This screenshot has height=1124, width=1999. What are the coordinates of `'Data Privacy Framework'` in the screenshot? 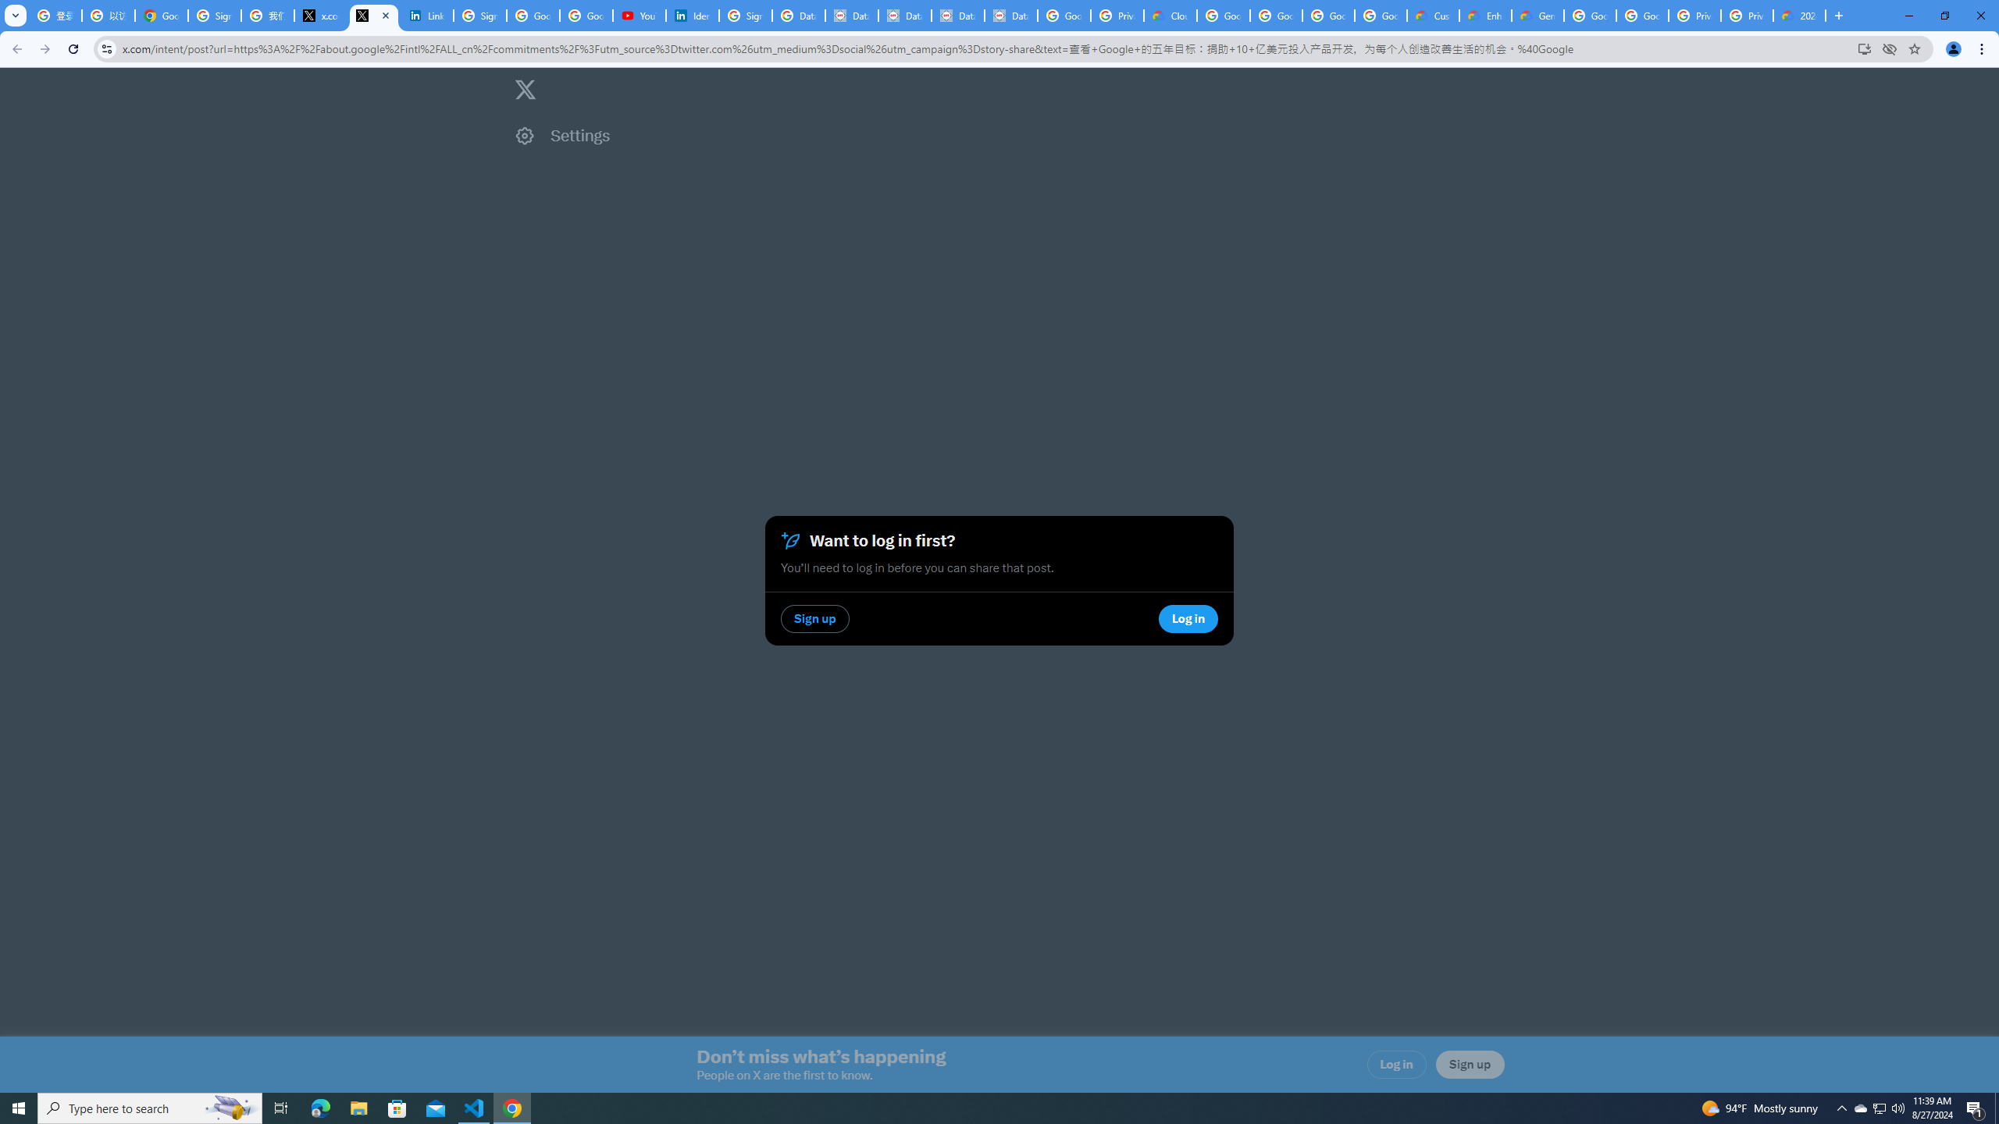 It's located at (850, 15).